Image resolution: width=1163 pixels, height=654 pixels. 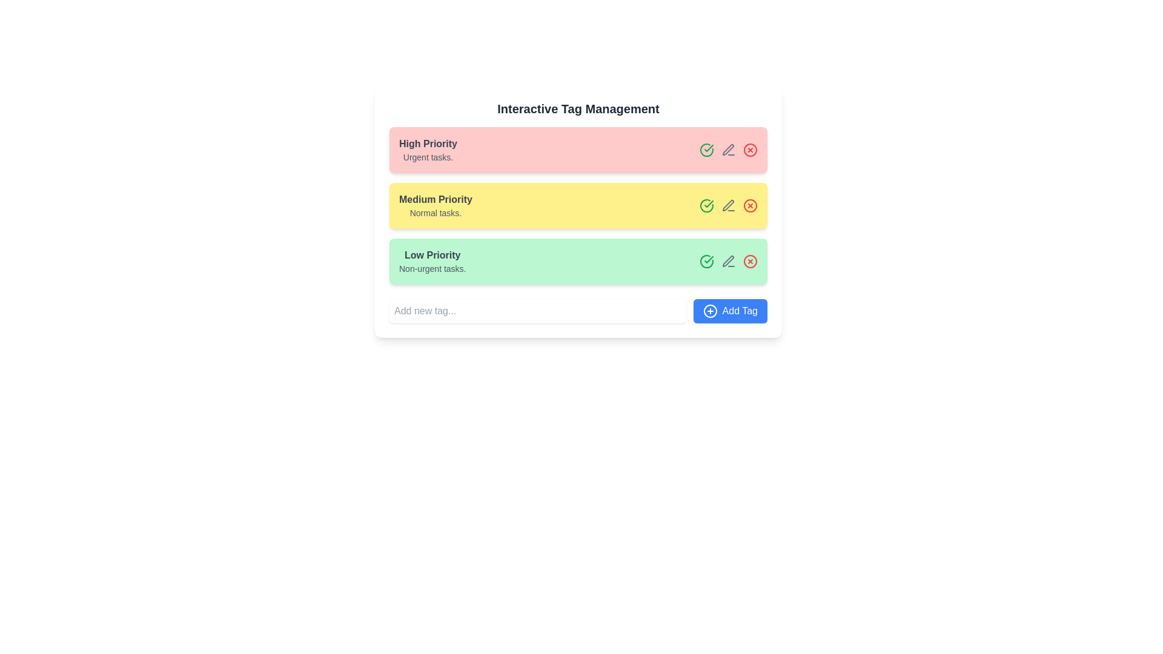 What do you see at coordinates (710, 310) in the screenshot?
I see `the 'Add Tag' icon represented by an SVG component located at the bottom-right corner of the interface, which visually emphasizes the action of adding a new tag` at bounding box center [710, 310].